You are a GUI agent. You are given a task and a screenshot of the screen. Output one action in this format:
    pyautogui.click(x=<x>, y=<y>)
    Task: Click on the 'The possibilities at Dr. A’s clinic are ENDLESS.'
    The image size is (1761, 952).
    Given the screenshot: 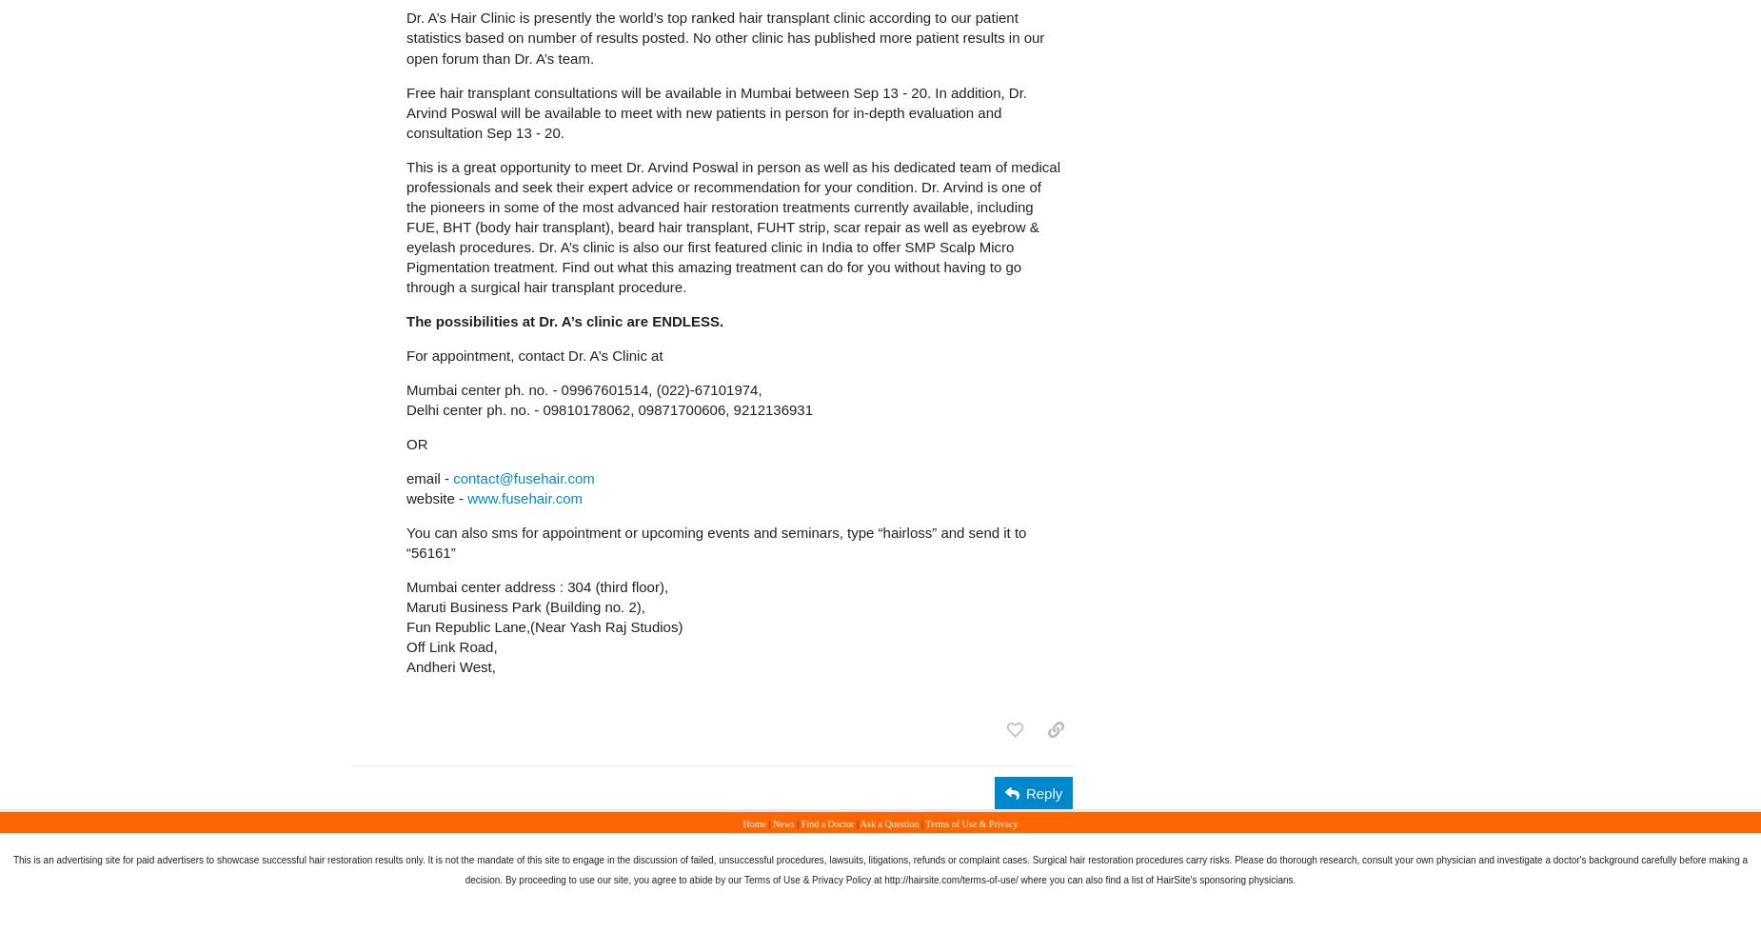 What is the action you would take?
    pyautogui.click(x=405, y=319)
    